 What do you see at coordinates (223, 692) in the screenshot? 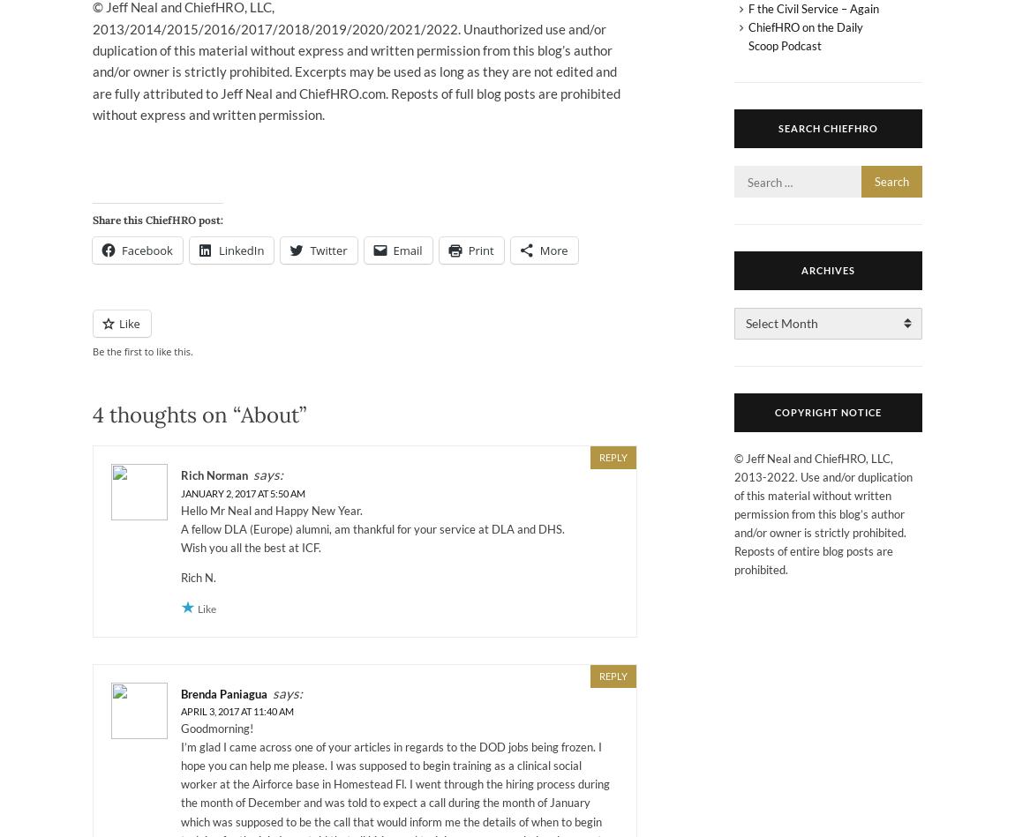
I see `'Brenda Paniagua'` at bounding box center [223, 692].